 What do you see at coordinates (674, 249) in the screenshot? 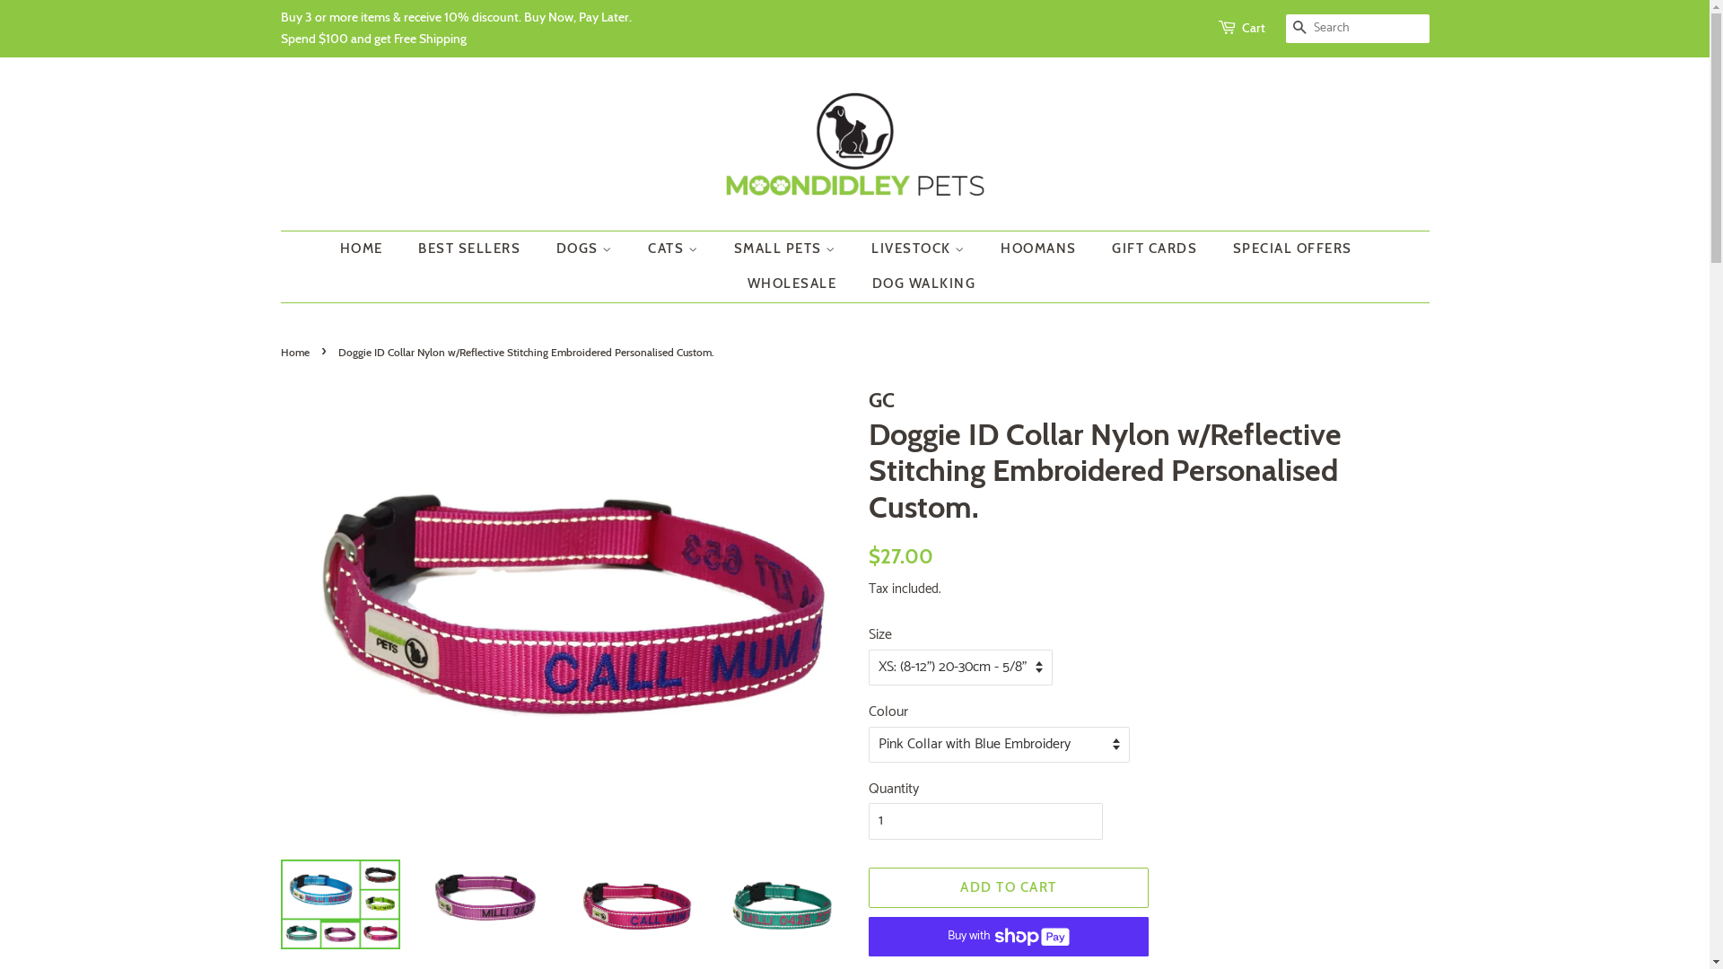
I see `'CATS'` at bounding box center [674, 249].